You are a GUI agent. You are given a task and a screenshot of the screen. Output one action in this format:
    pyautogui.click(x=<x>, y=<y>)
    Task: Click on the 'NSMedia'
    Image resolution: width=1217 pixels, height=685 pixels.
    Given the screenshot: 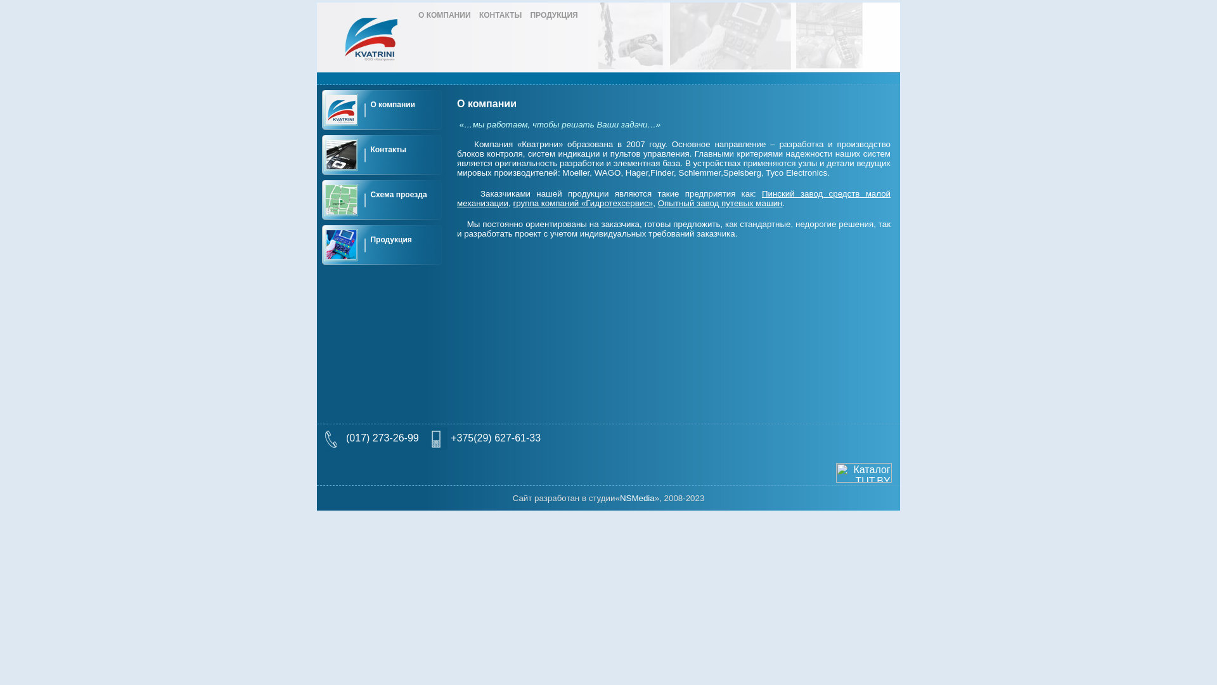 What is the action you would take?
    pyautogui.click(x=620, y=497)
    